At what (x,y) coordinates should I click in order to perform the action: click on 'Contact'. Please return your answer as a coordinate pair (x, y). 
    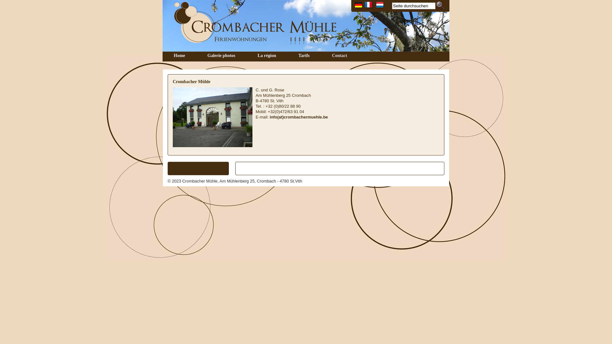
    Looking at the image, I should click on (321, 55).